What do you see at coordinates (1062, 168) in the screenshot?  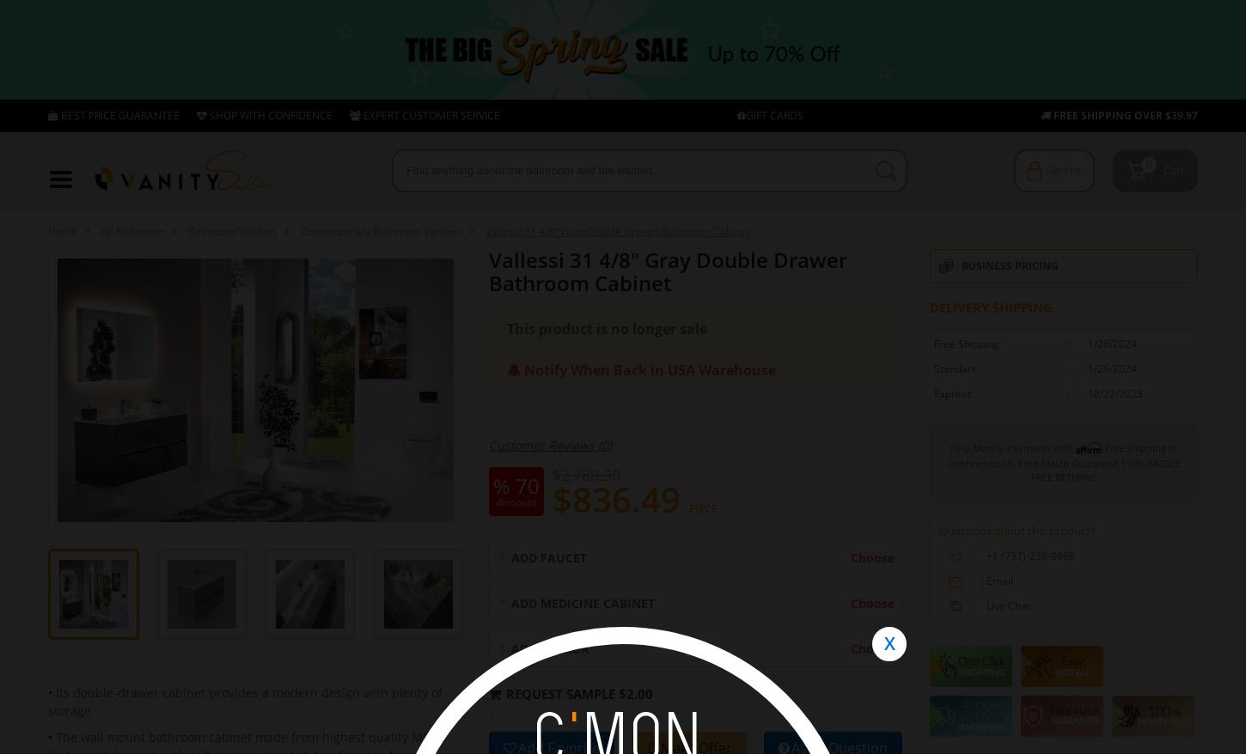 I see `'Sign In'` at bounding box center [1062, 168].